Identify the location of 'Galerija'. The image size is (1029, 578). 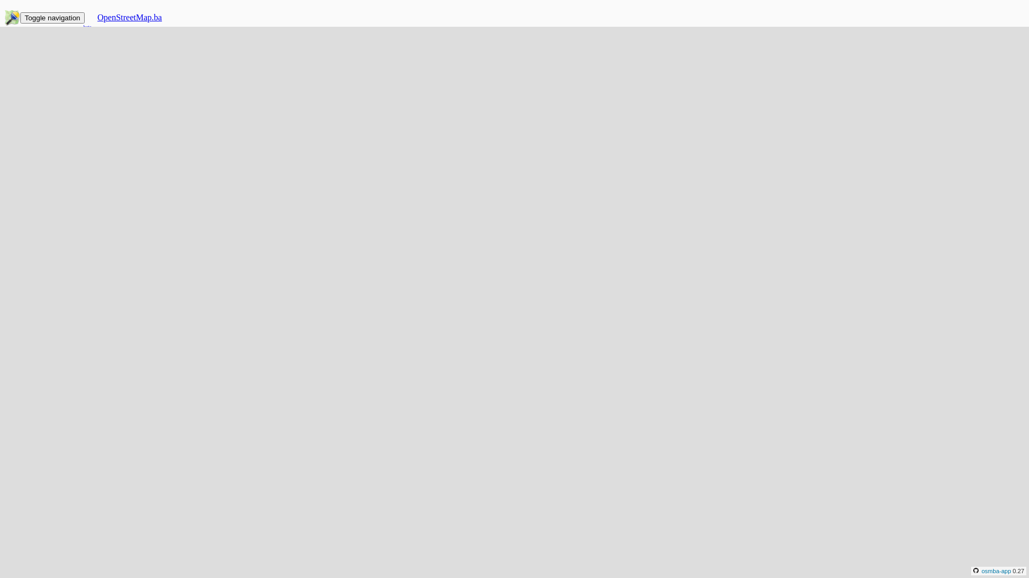
(39, 72).